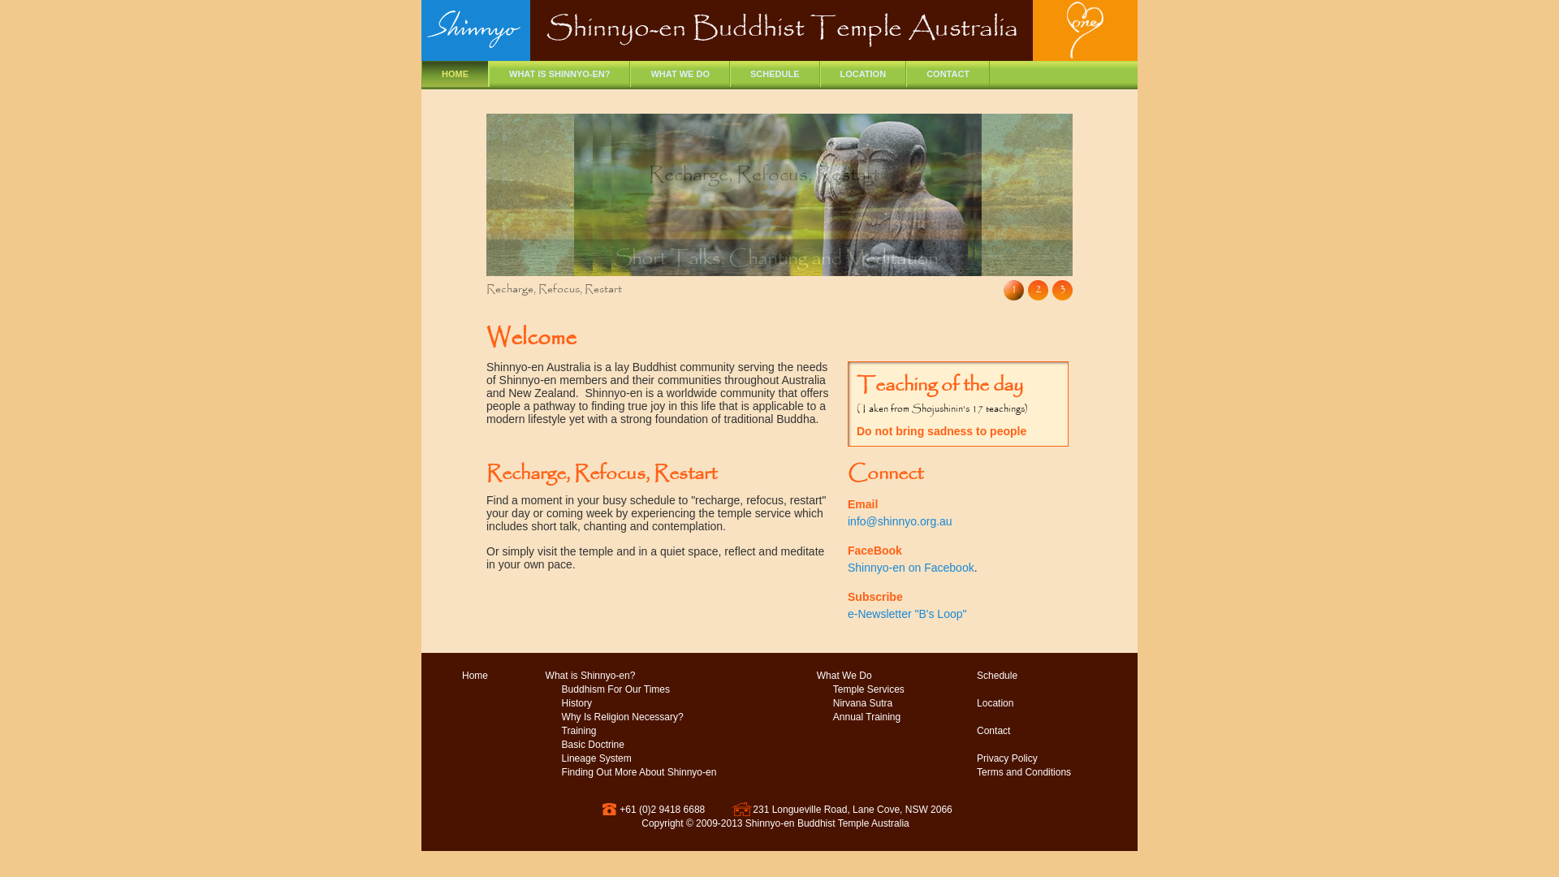 The image size is (1559, 877). I want to click on 'SCHEDULE', so click(774, 74).